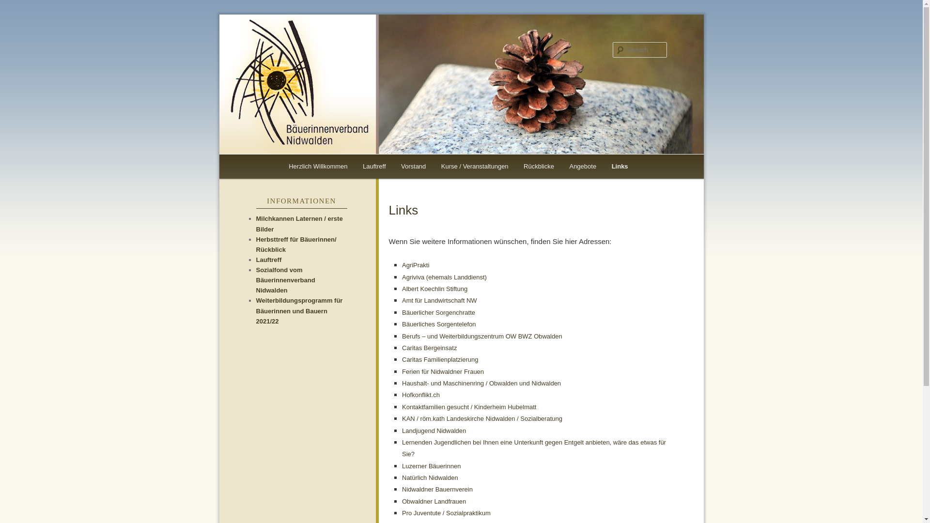  I want to click on 'Skip to secondary content', so click(299, 166).